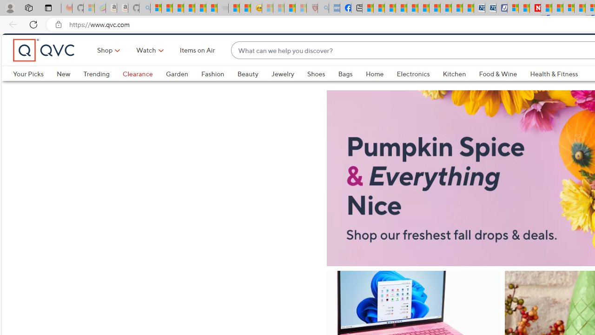  I want to click on 'Cheap Hotels - Save70.com', so click(490, 8).